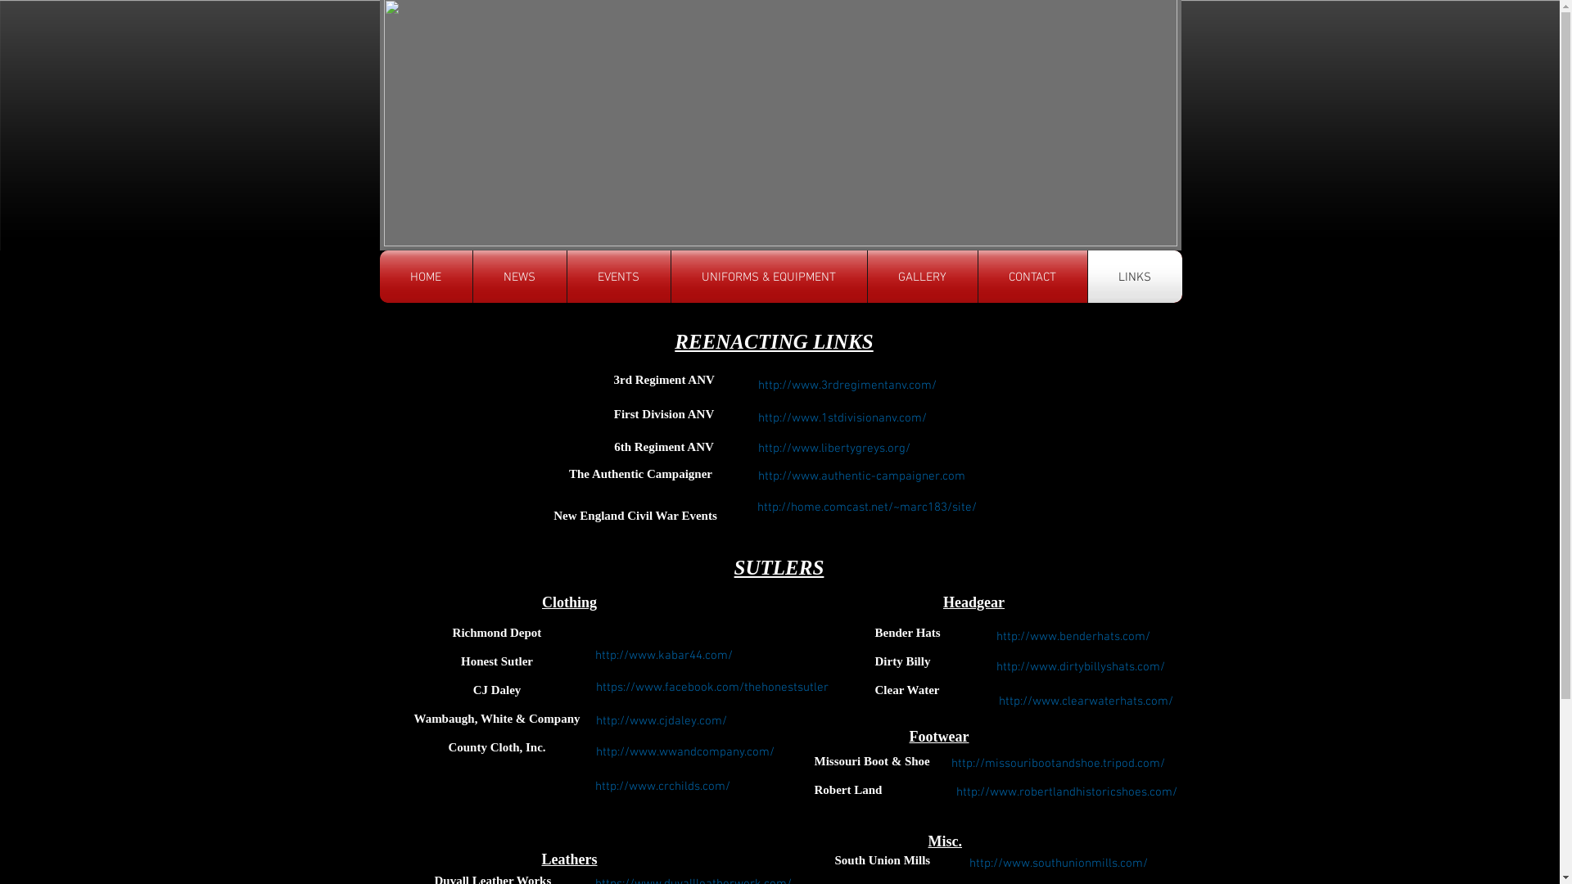  What do you see at coordinates (1073, 634) in the screenshot?
I see `'http://www.benderhats.com/'` at bounding box center [1073, 634].